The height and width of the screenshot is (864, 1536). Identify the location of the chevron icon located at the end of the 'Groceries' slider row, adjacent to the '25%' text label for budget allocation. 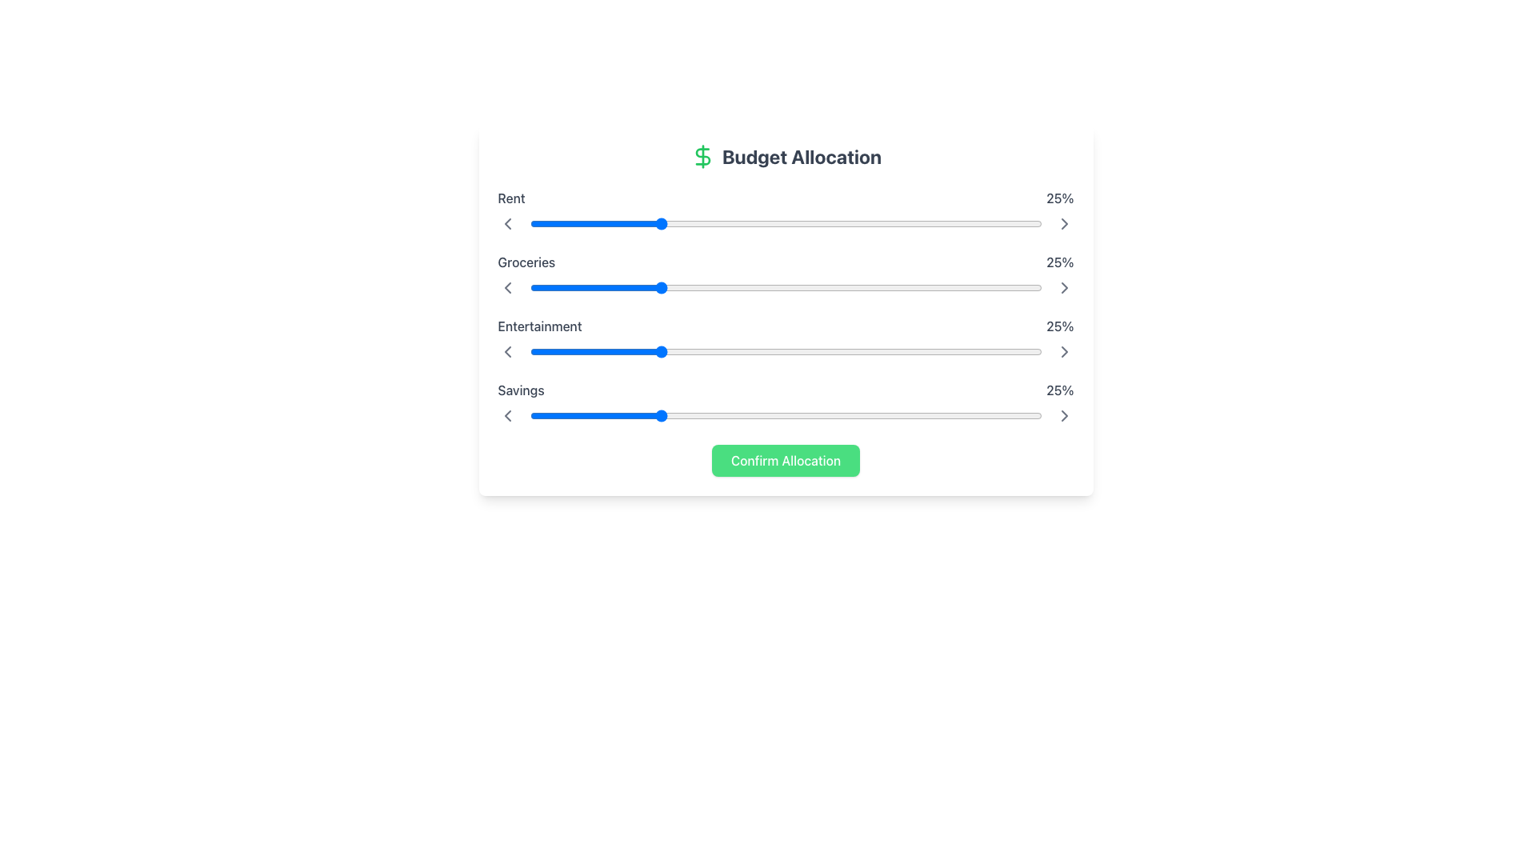
(1064, 224).